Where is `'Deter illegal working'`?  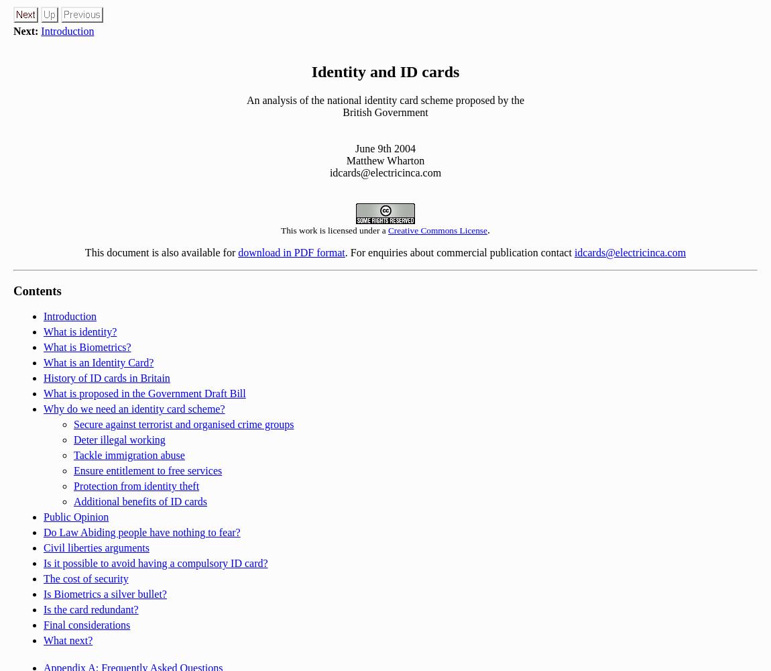 'Deter illegal working' is located at coordinates (119, 440).